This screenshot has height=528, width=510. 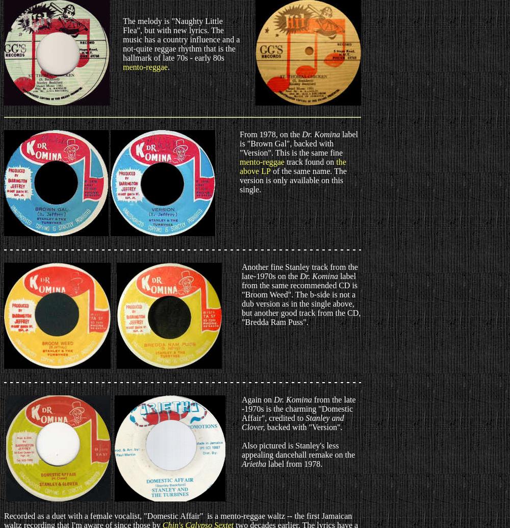 What do you see at coordinates (292, 166) in the screenshot?
I see `'the above LP'` at bounding box center [292, 166].